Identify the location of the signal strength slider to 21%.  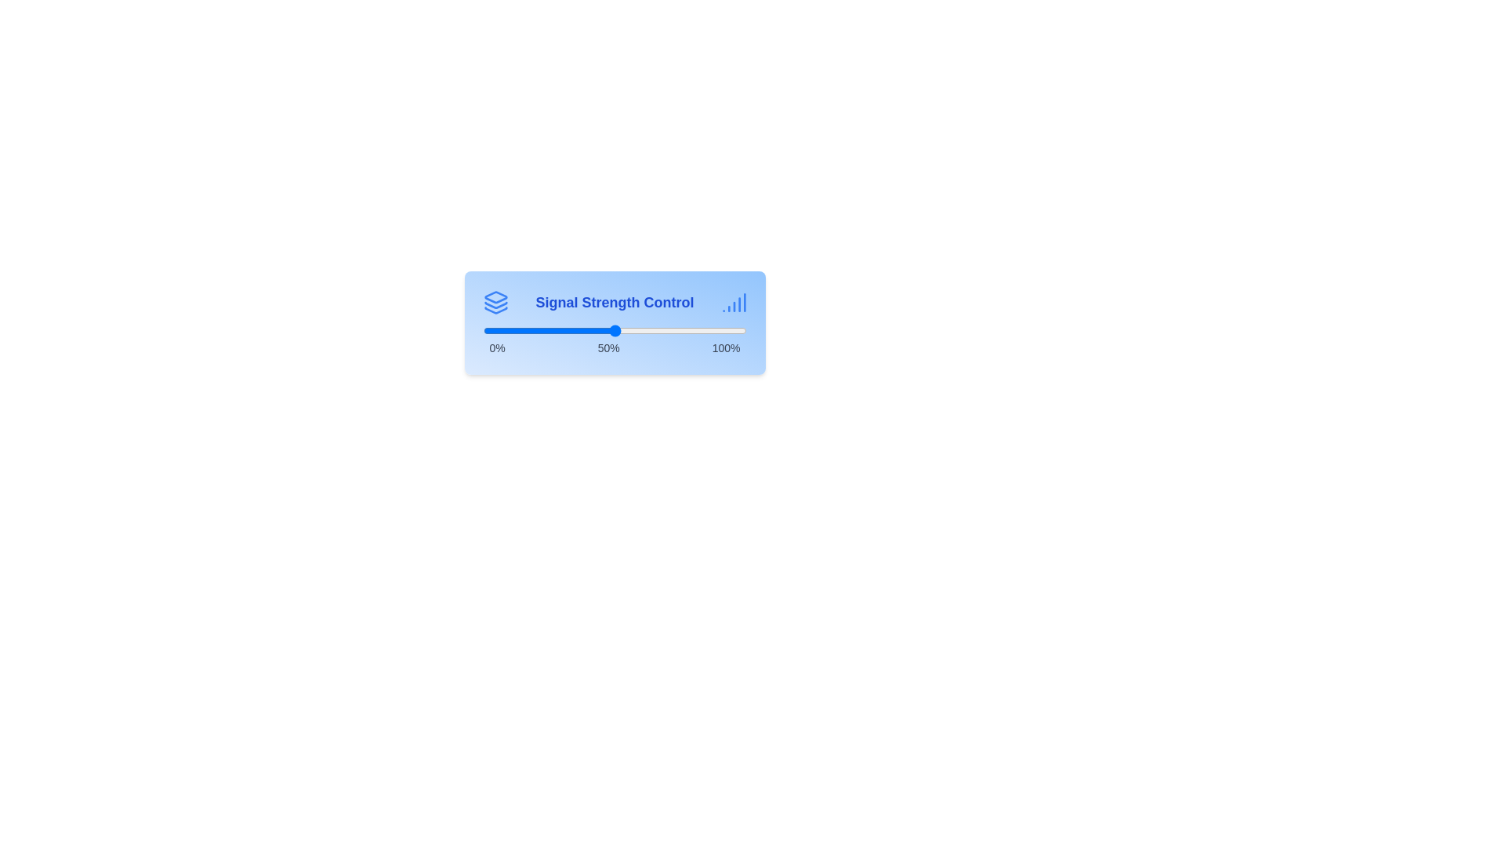
(538, 329).